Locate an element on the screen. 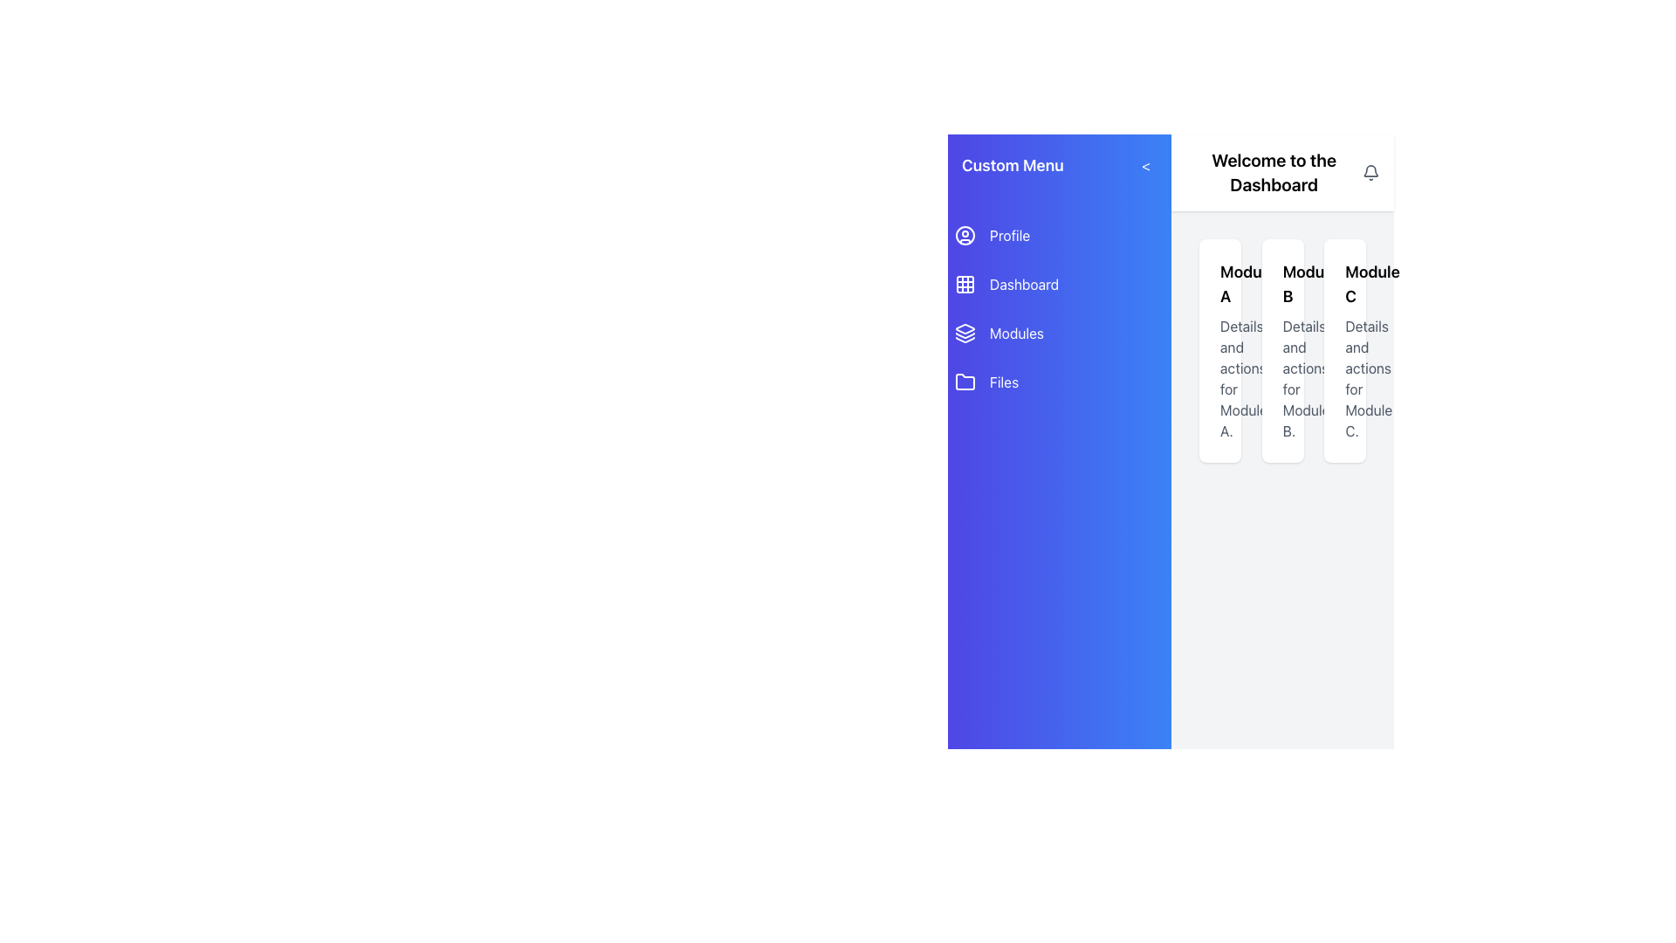  the primary bell shape in the bell icon located in the top-right corner of the dashboard, adjacent to the 'Welcome to the Dashboard' title is located at coordinates (1370, 170).